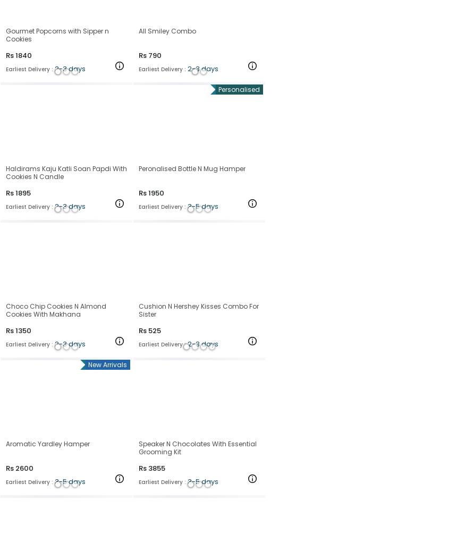 The width and height of the screenshot is (473, 543). What do you see at coordinates (56, 35) in the screenshot?
I see `'Gourmet Popcorns with Sipper n Cookies'` at bounding box center [56, 35].